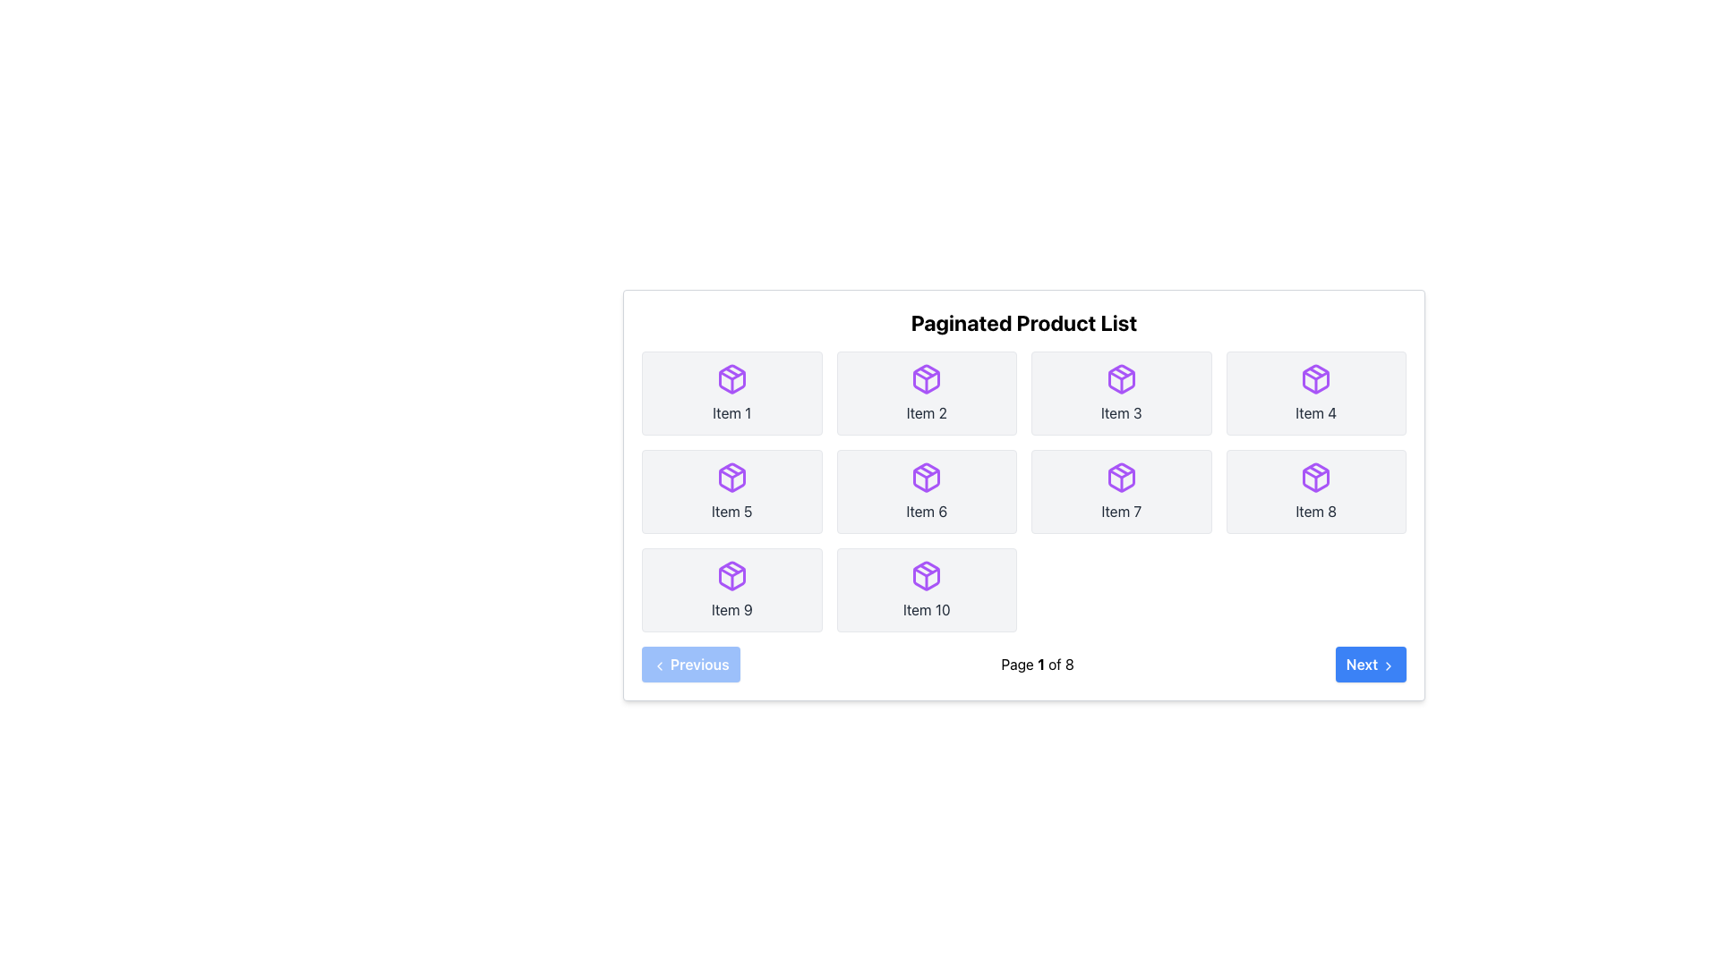 Image resolution: width=1719 pixels, height=966 pixels. What do you see at coordinates (1316, 375) in the screenshot?
I see `the Polygon SVG element that is part of the box icon located in the fourth cell of the first row in the product list grid` at bounding box center [1316, 375].